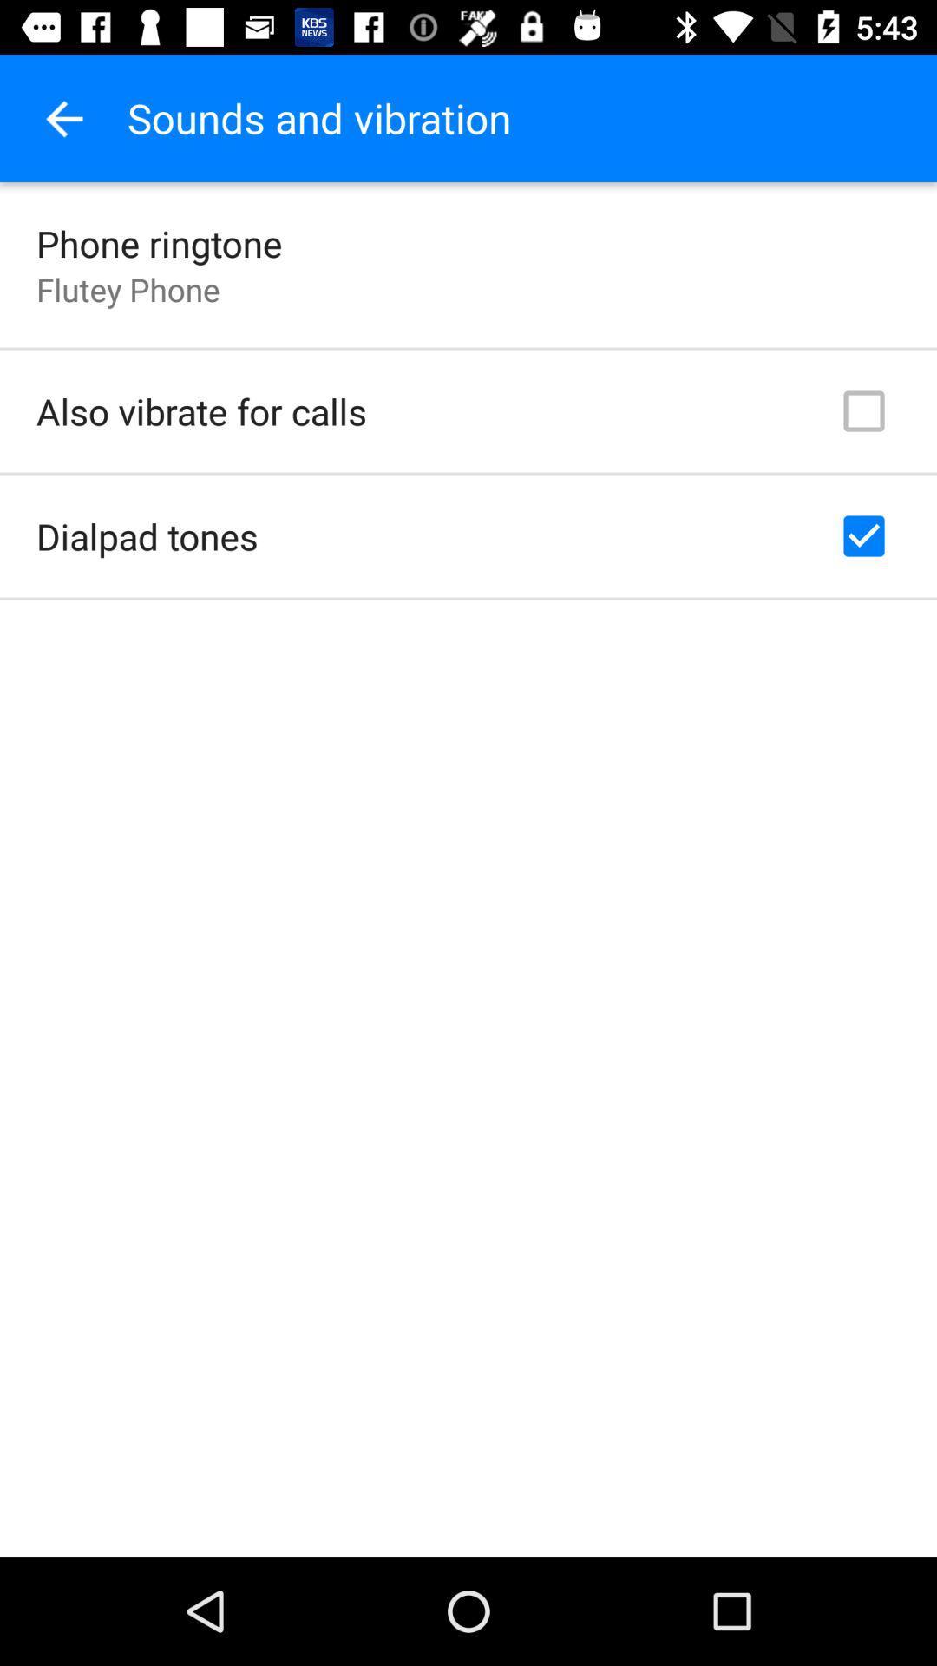 This screenshot has height=1666, width=937. I want to click on the dialpad tones item, so click(146, 535).